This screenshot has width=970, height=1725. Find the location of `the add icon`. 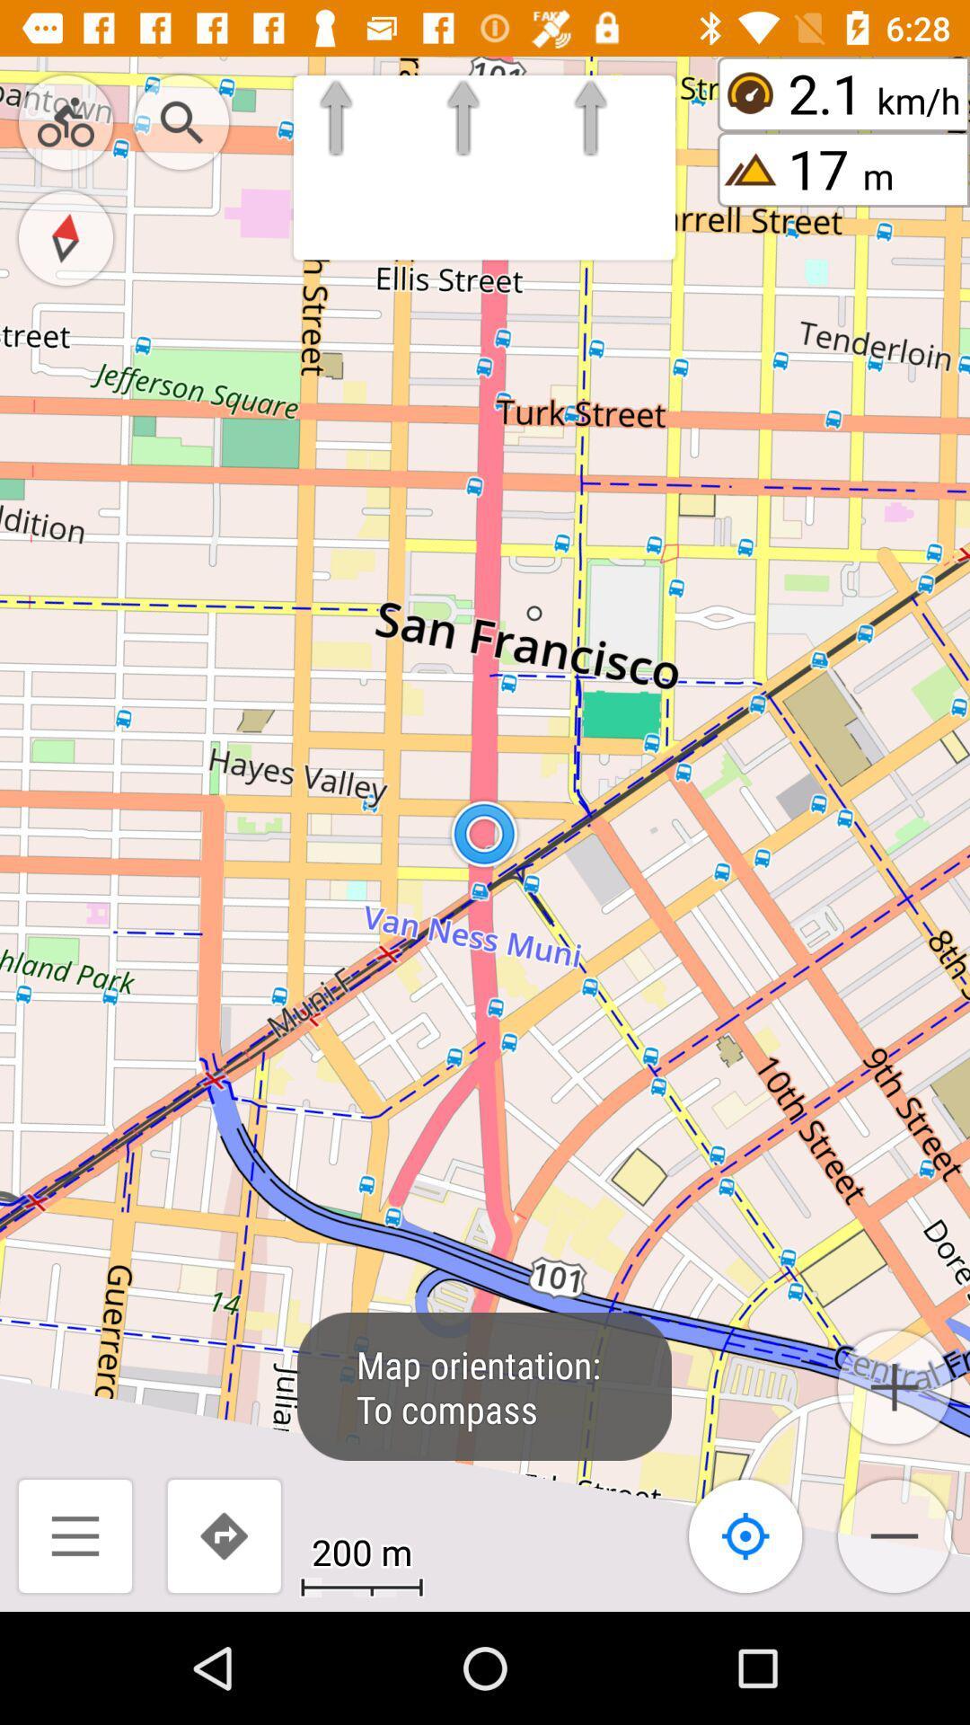

the add icon is located at coordinates (894, 1386).